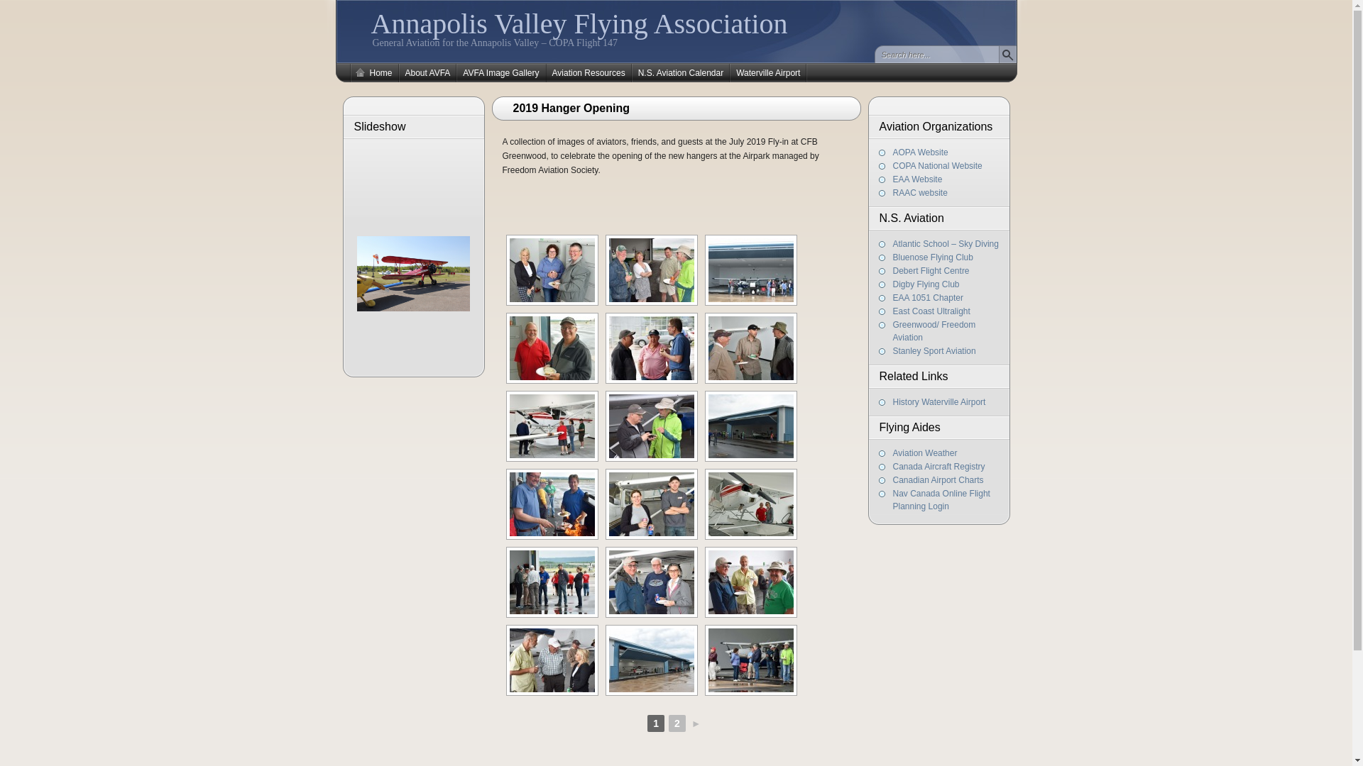  I want to click on 'Find', so click(1006, 53).